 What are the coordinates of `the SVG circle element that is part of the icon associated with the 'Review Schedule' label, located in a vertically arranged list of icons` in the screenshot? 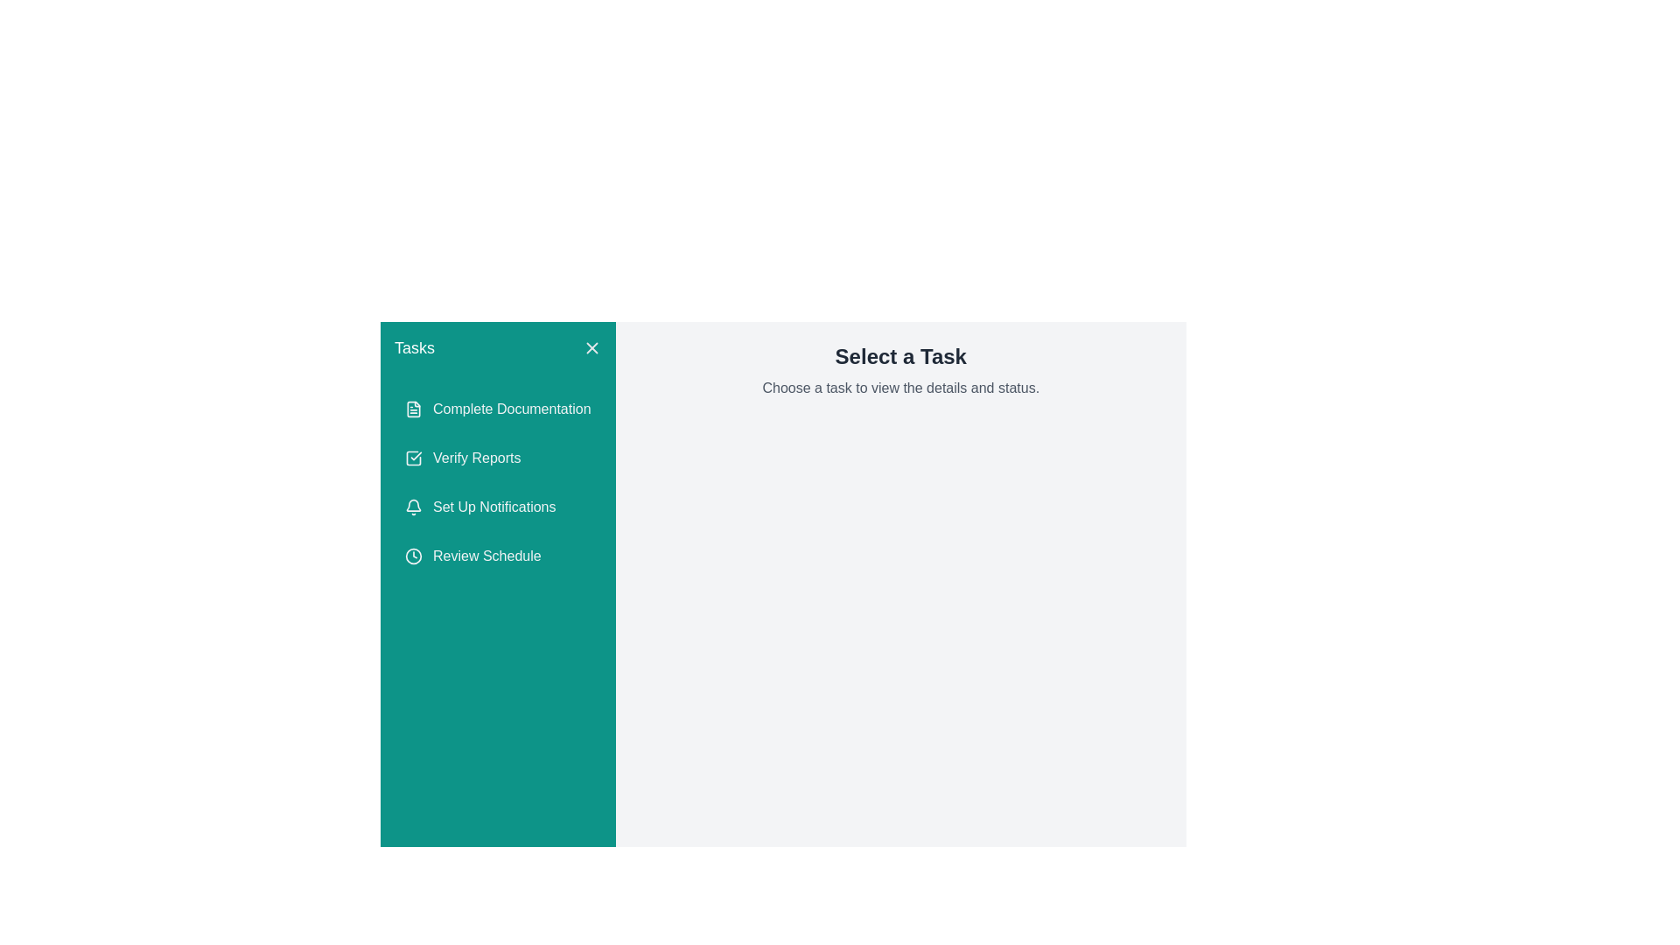 It's located at (413, 556).